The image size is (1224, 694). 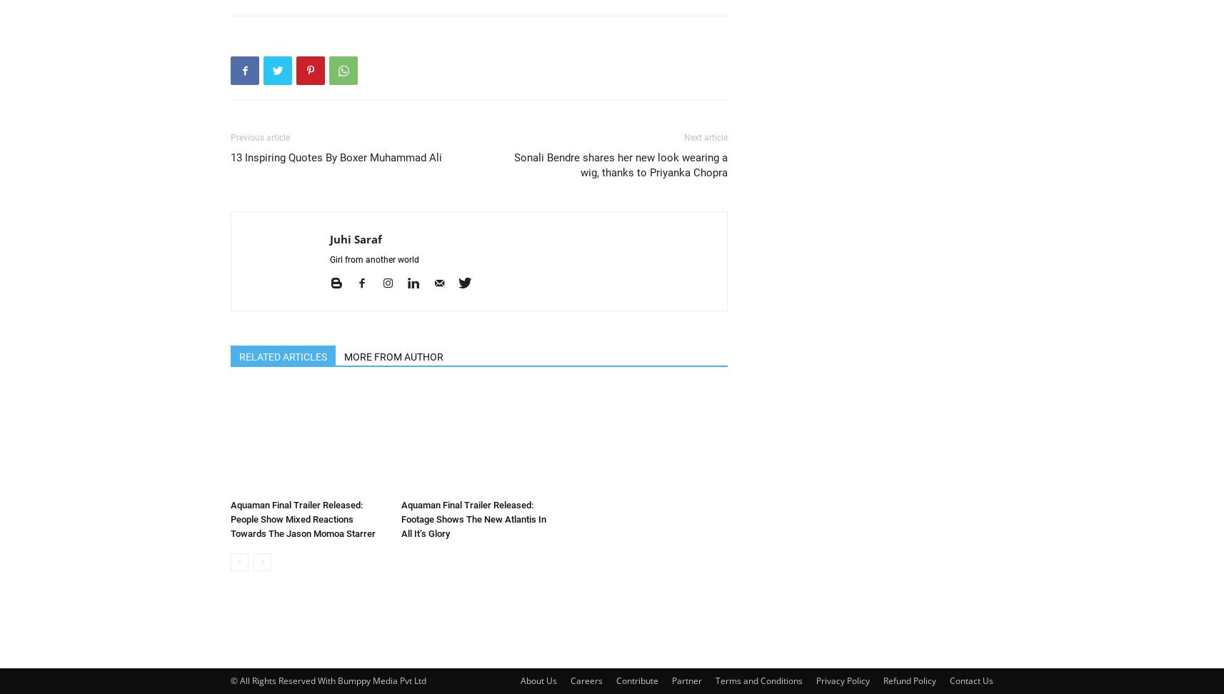 What do you see at coordinates (705, 137) in the screenshot?
I see `'Next article'` at bounding box center [705, 137].